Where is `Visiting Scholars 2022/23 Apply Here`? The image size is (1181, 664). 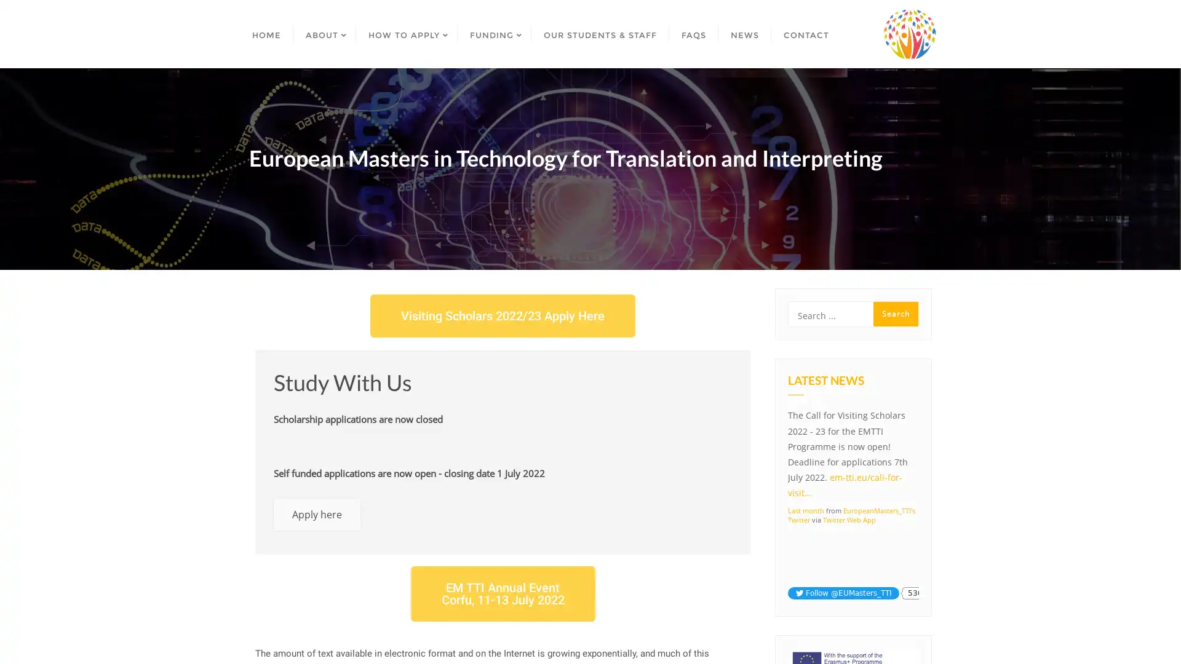
Visiting Scholars 2022/23 Apply Here is located at coordinates (503, 315).